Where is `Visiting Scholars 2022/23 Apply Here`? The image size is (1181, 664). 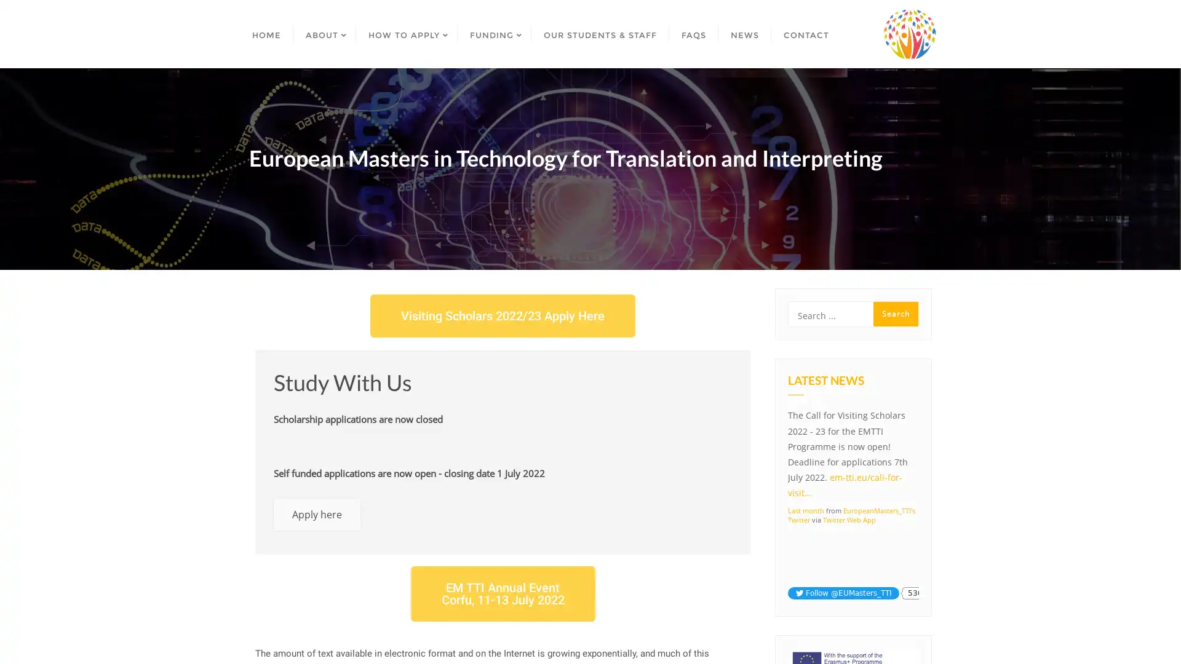
Visiting Scholars 2022/23 Apply Here is located at coordinates (503, 315).